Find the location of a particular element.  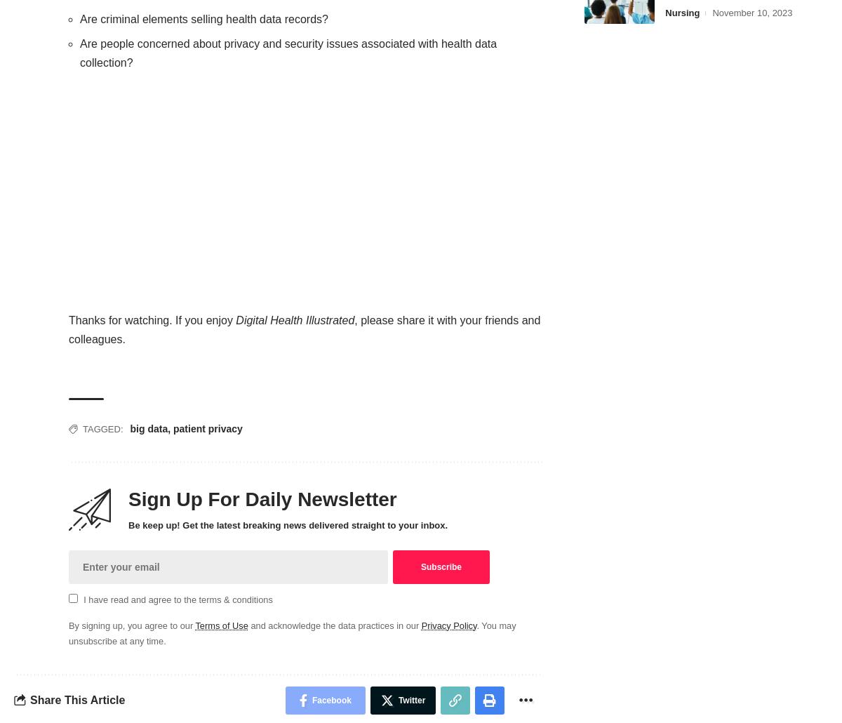

'Digital Health Illustrated' is located at coordinates (295, 319).